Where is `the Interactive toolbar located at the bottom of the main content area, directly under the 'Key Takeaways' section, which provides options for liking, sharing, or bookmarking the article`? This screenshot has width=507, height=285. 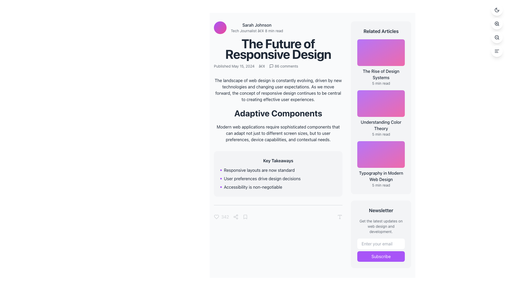 the Interactive toolbar located at the bottom of the main content area, directly under the 'Key Takeaways' section, which provides options for liking, sharing, or bookmarking the article is located at coordinates (278, 212).